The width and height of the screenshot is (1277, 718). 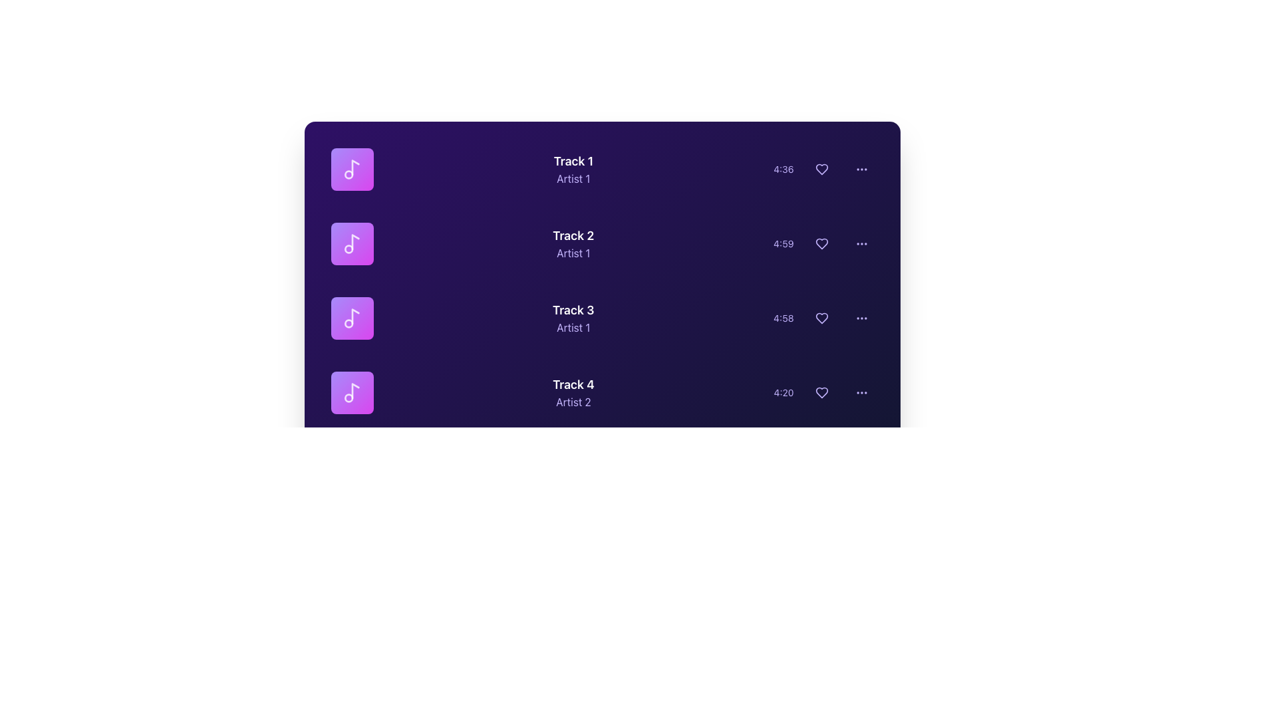 What do you see at coordinates (573, 253) in the screenshot?
I see `the static text label representing the artist name for the track 'Track 2', located directly below the text 'Track 2' in the second row of the track list` at bounding box center [573, 253].